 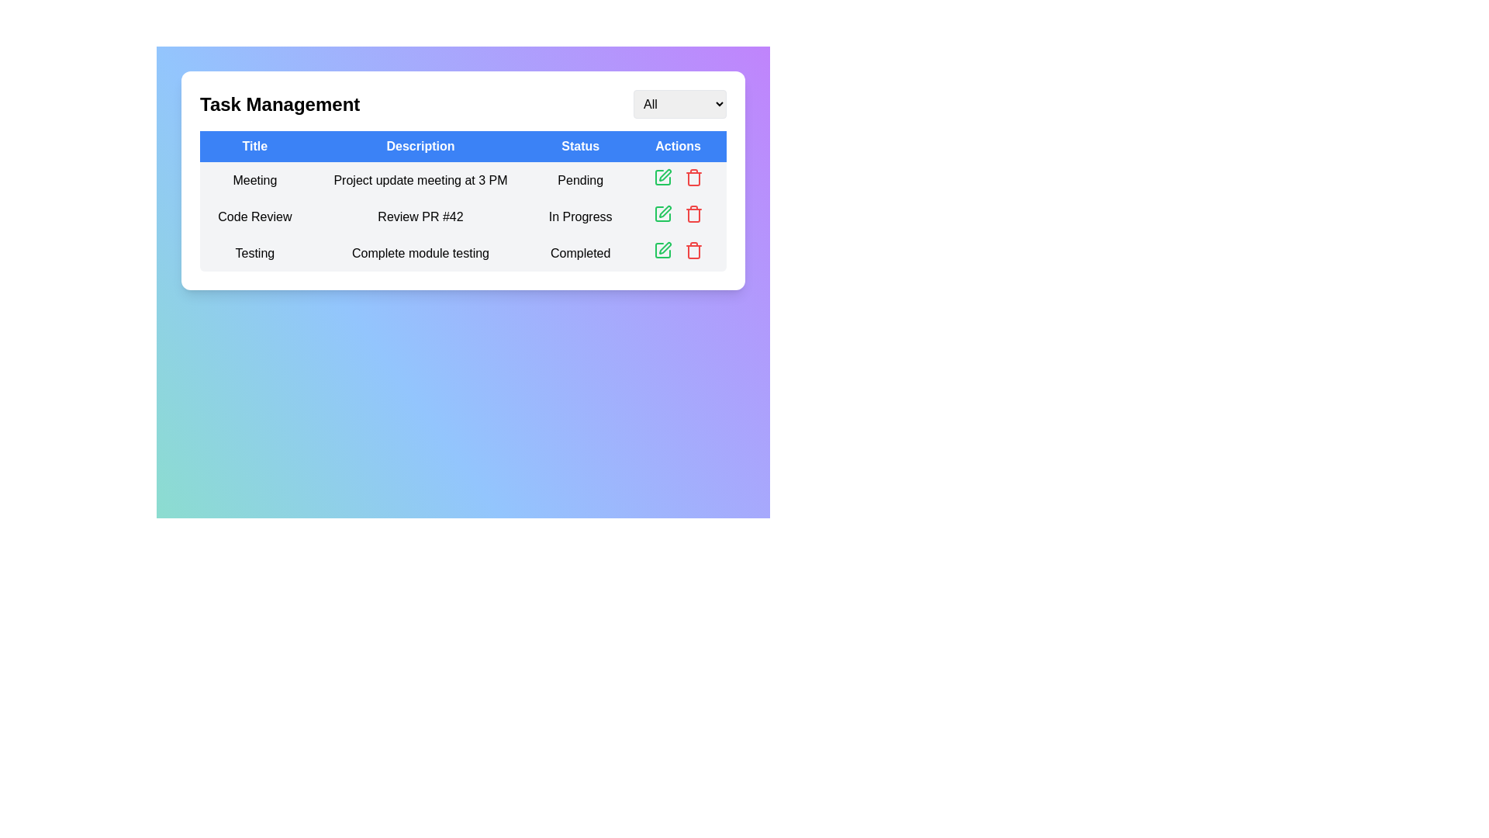 What do you see at coordinates (420, 216) in the screenshot?
I see `the text label that describes the task of reviewing pull request #42, located in the second row under the 'Description' column of the 'Task Management' panel` at bounding box center [420, 216].